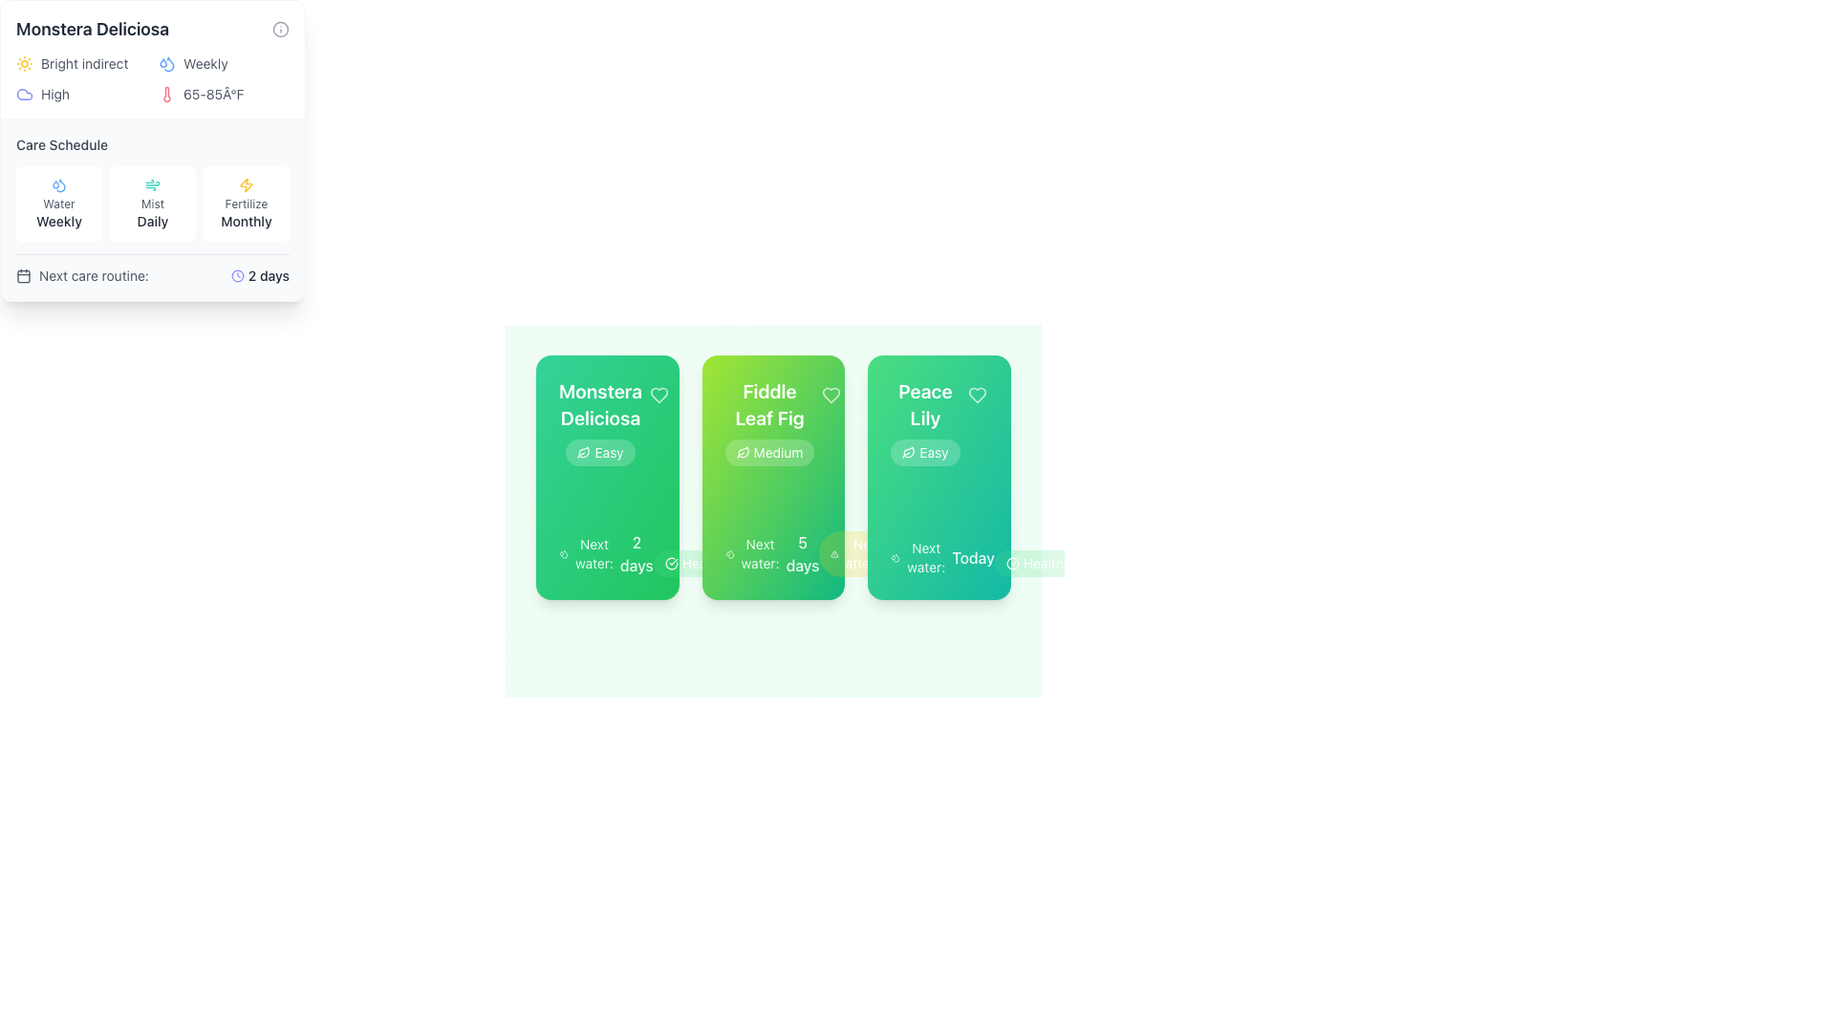 This screenshot has width=1835, height=1032. Describe the element at coordinates (773, 477) in the screenshot. I see `displayed information on the plant care card located in the middle slot among three cards, summarizing essential details about plant maintenance requirements` at that location.